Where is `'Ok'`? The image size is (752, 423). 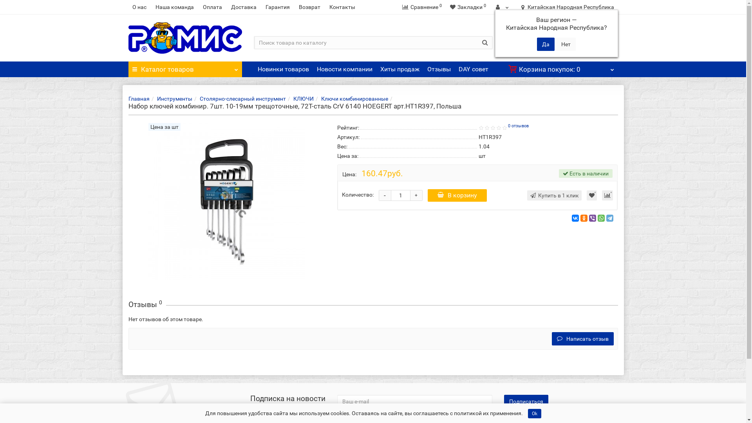 'Ok' is located at coordinates (534, 413).